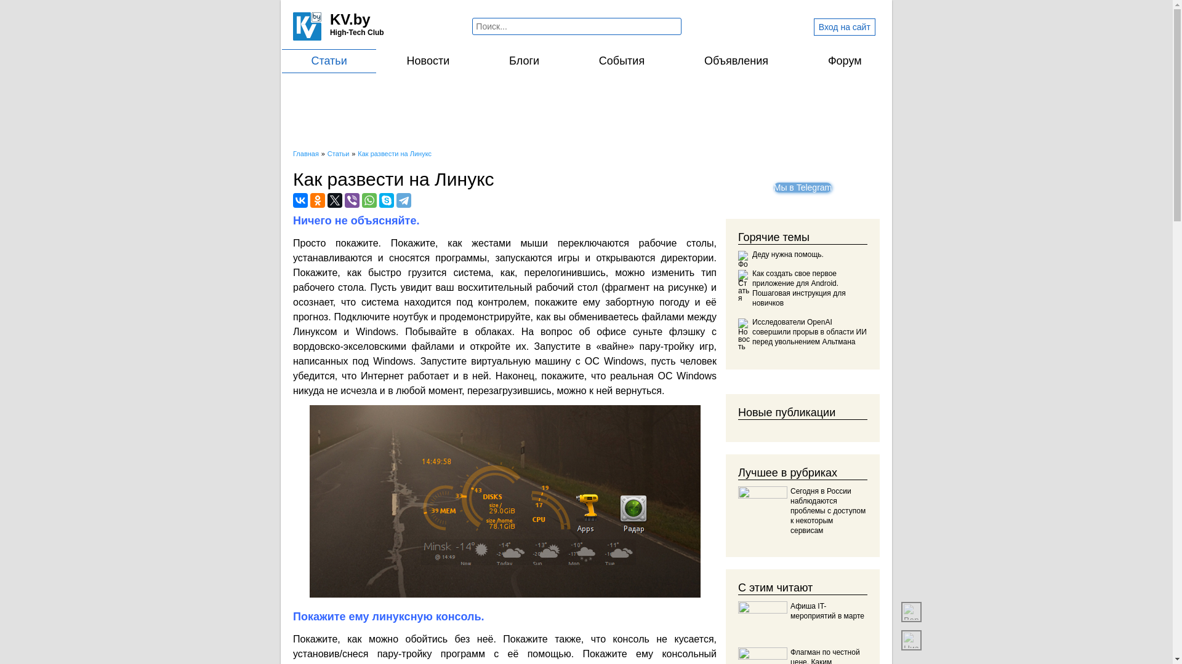 The height and width of the screenshot is (664, 1182). Describe the element at coordinates (369, 200) in the screenshot. I see `'WhatsApp'` at that location.